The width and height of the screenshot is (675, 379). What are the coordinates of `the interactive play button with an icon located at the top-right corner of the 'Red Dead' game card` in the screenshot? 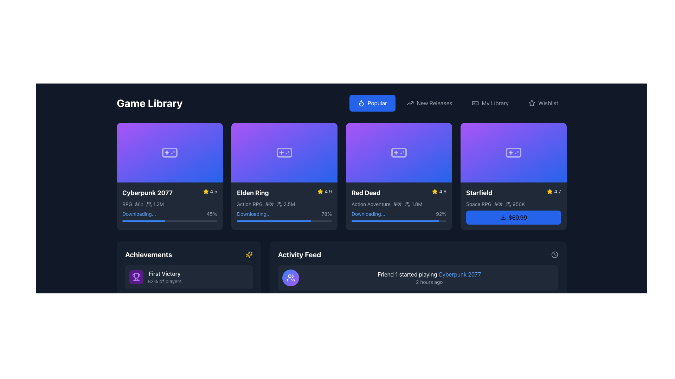 It's located at (442, 132).